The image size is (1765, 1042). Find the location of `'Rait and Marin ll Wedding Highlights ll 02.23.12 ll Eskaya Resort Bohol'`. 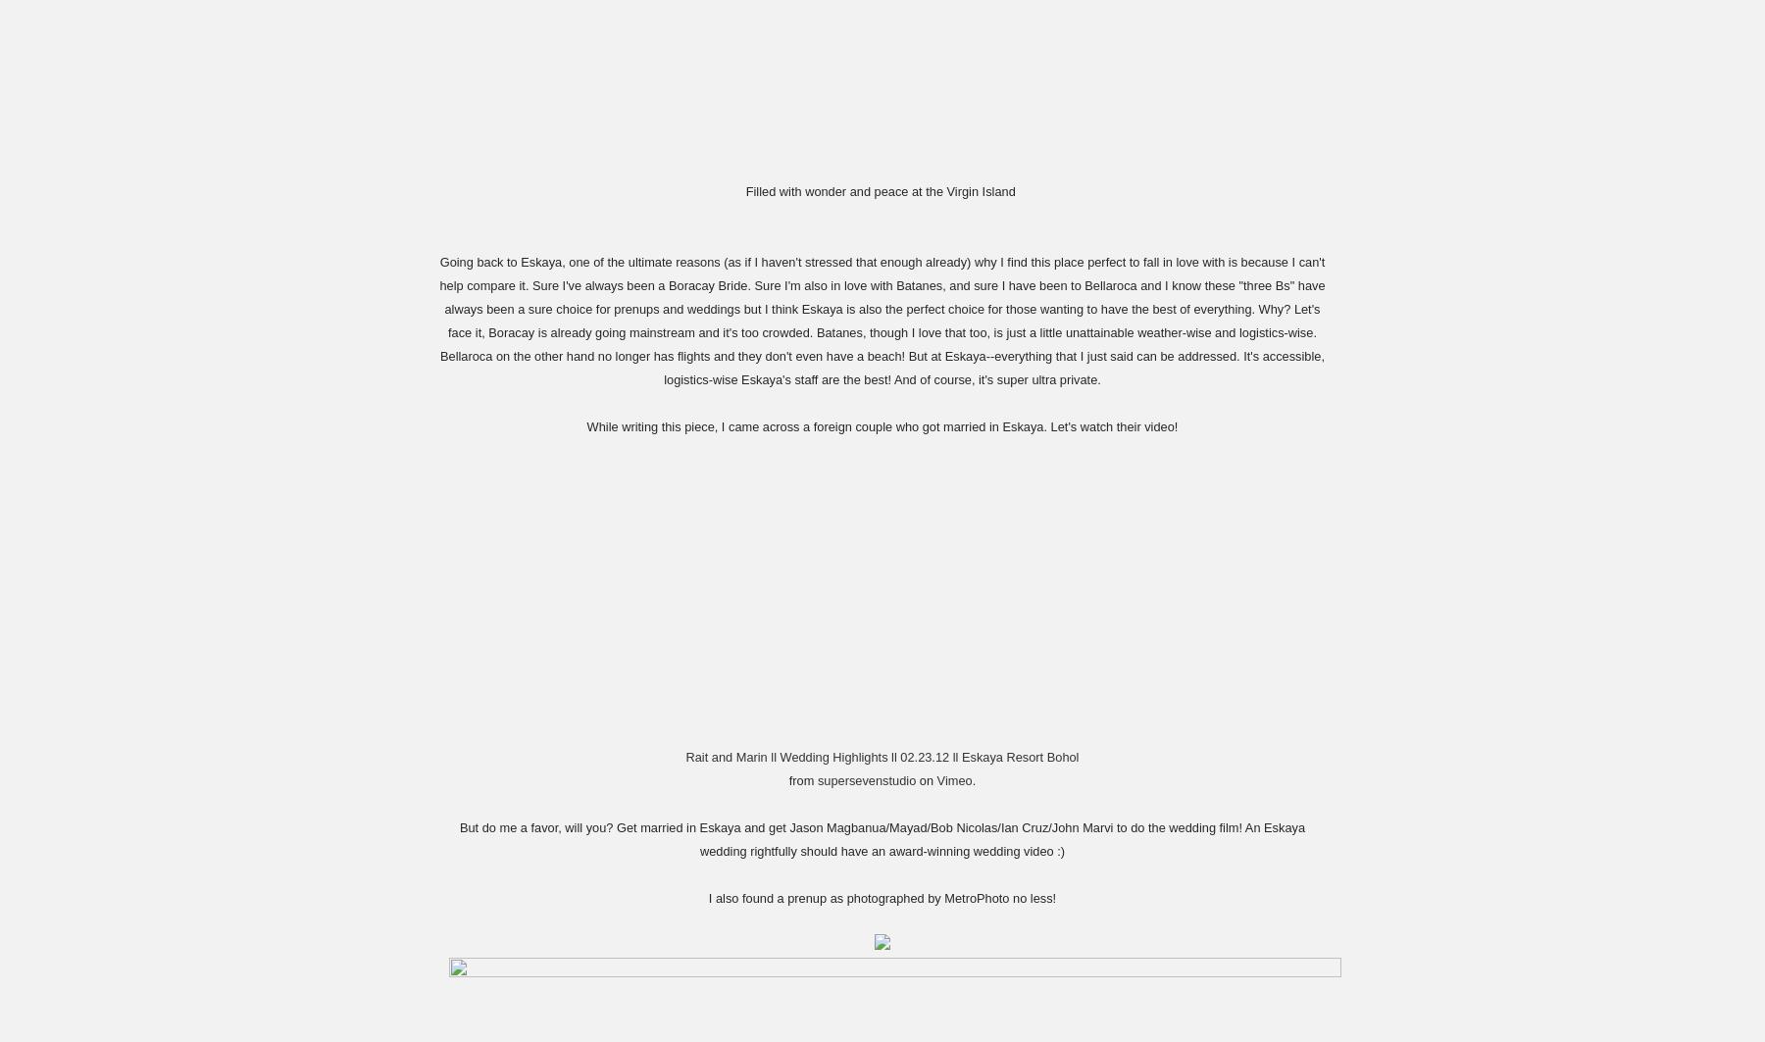

'Rait and Marin ll Wedding Highlights ll 02.23.12 ll Eskaya Resort Bohol' is located at coordinates (882, 755).